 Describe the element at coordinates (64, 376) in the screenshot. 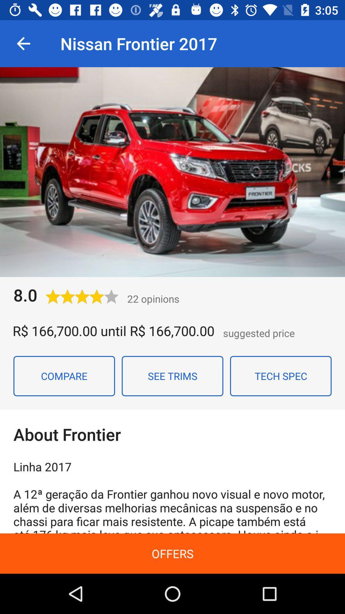

I see `compare` at that location.